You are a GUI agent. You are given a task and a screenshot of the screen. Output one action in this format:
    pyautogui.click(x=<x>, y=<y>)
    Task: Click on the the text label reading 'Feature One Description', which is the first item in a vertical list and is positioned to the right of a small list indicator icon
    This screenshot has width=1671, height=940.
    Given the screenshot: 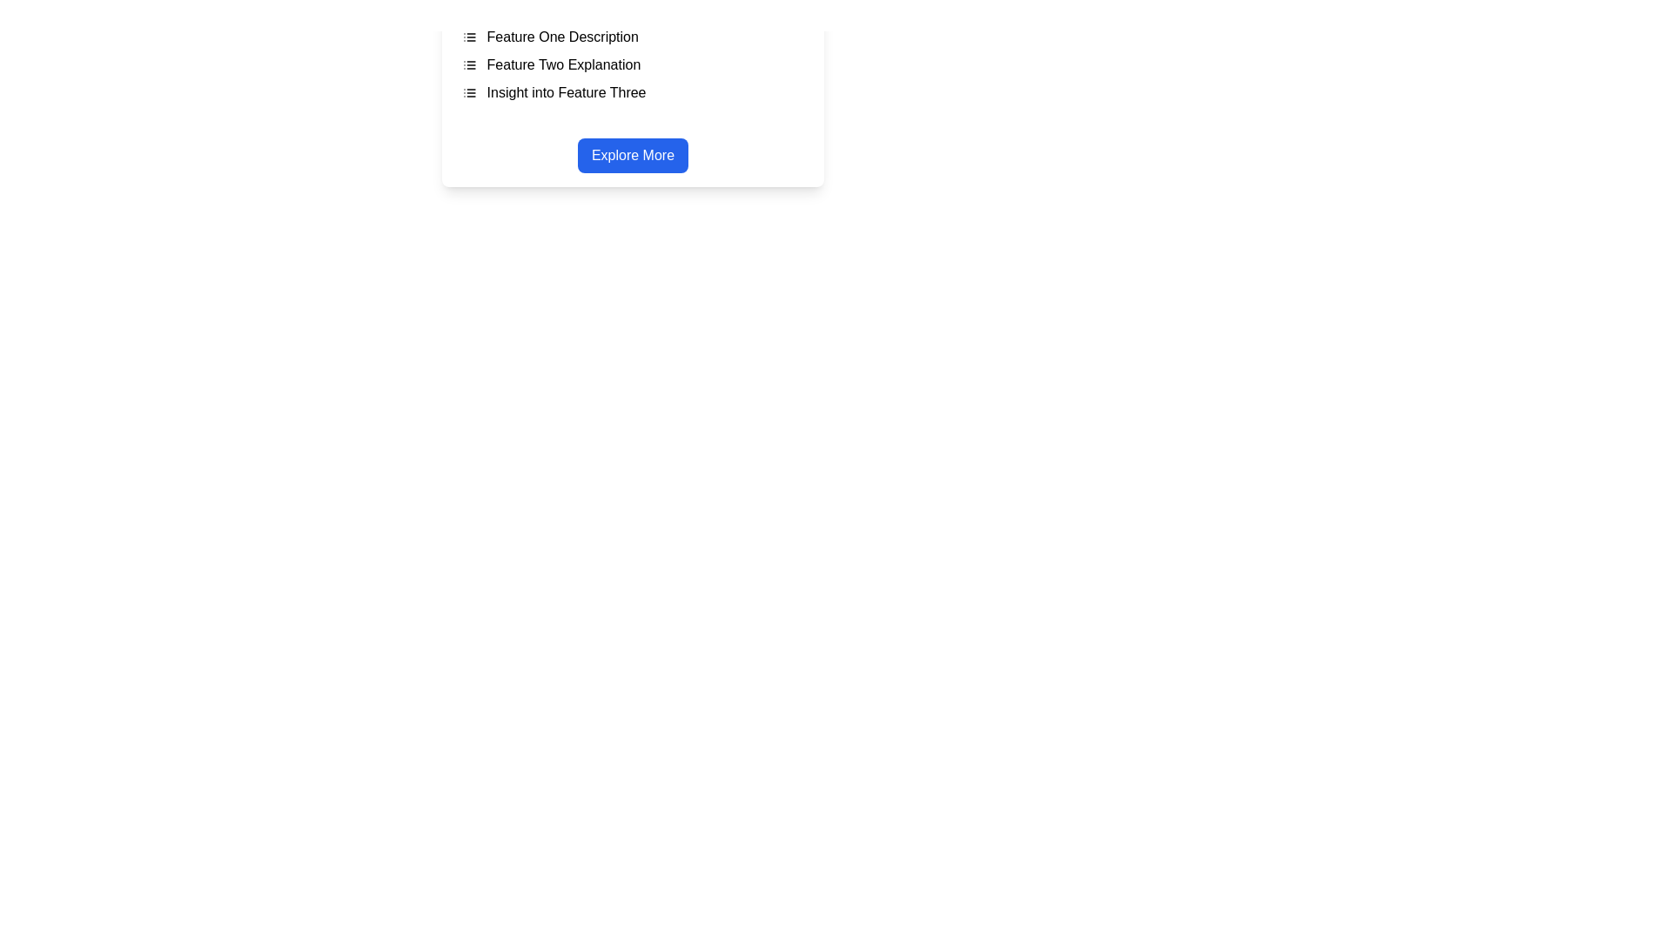 What is the action you would take?
    pyautogui.click(x=562, y=37)
    